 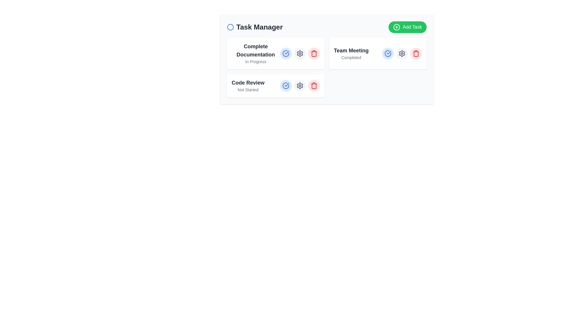 What do you see at coordinates (230, 27) in the screenshot?
I see `the icon located at the top-left corner of the 'Task Manager' section, which represents an active or selectable state` at bounding box center [230, 27].